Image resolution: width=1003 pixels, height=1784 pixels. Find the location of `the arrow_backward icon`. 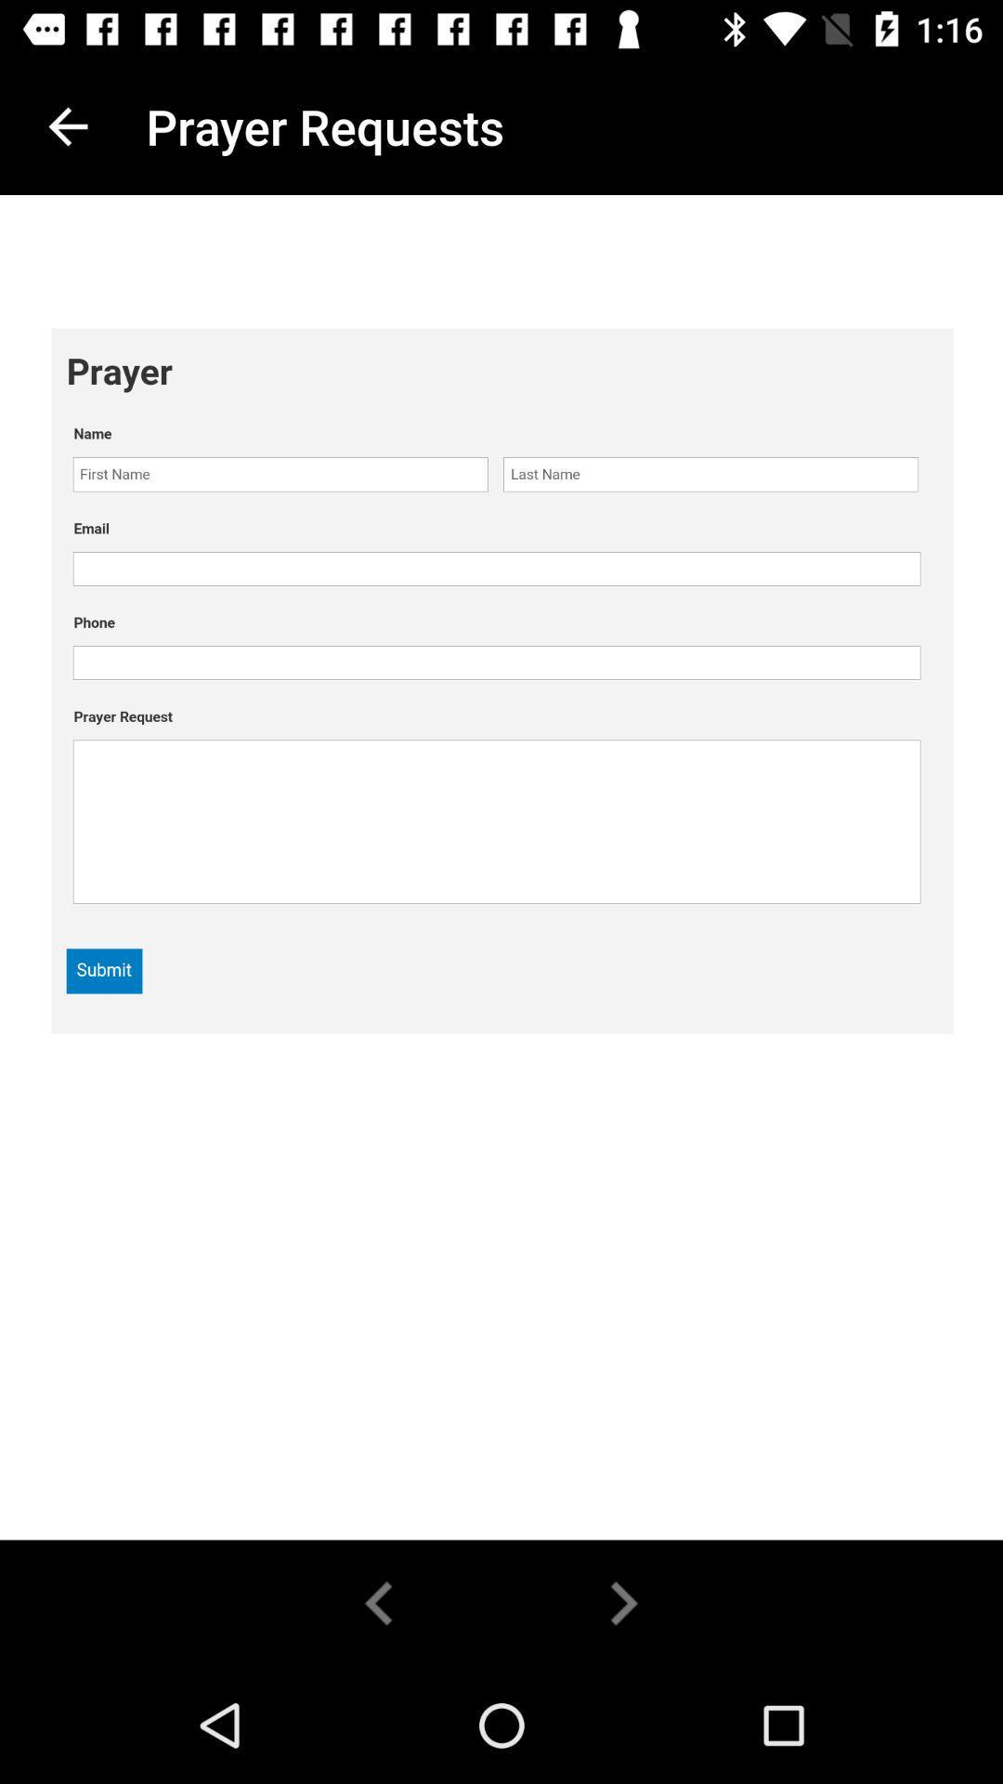

the arrow_backward icon is located at coordinates (378, 1602).